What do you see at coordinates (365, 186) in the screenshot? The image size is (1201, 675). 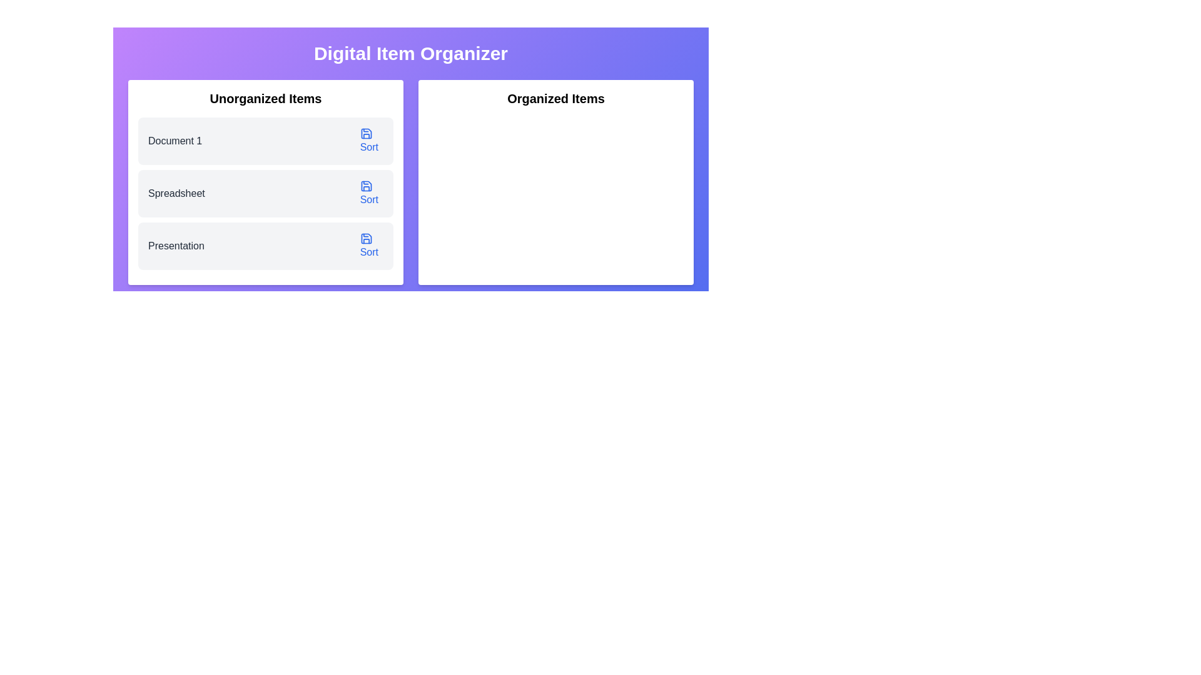 I see `the save or sort icon located in the 'Unorganized Items' section, positioned to the right of the 'Presentation' item in the third row` at bounding box center [365, 186].